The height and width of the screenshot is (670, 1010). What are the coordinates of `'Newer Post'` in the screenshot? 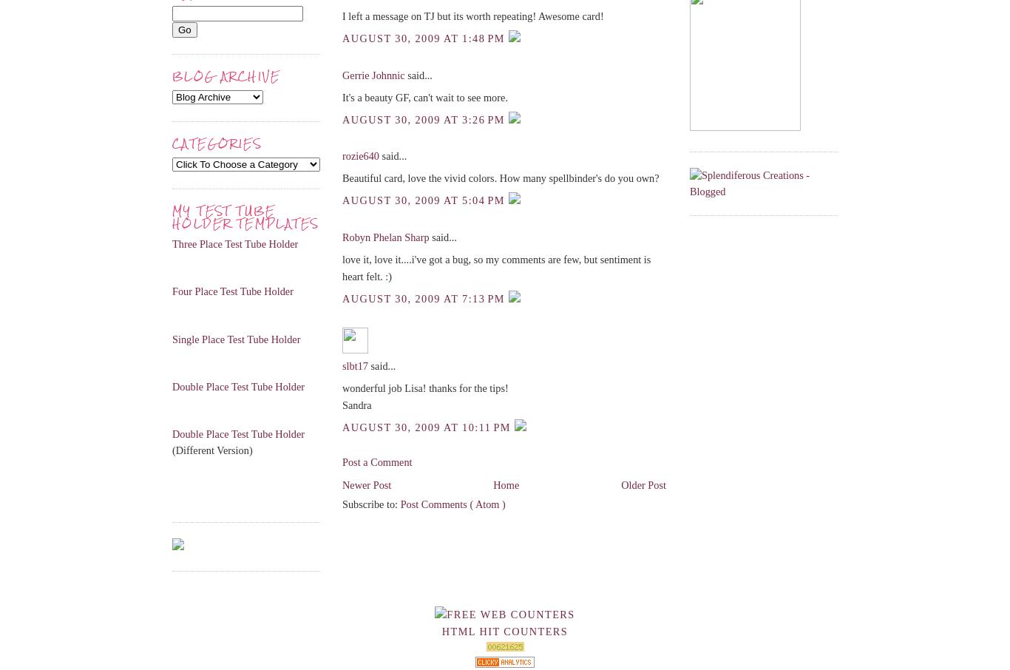 It's located at (366, 484).